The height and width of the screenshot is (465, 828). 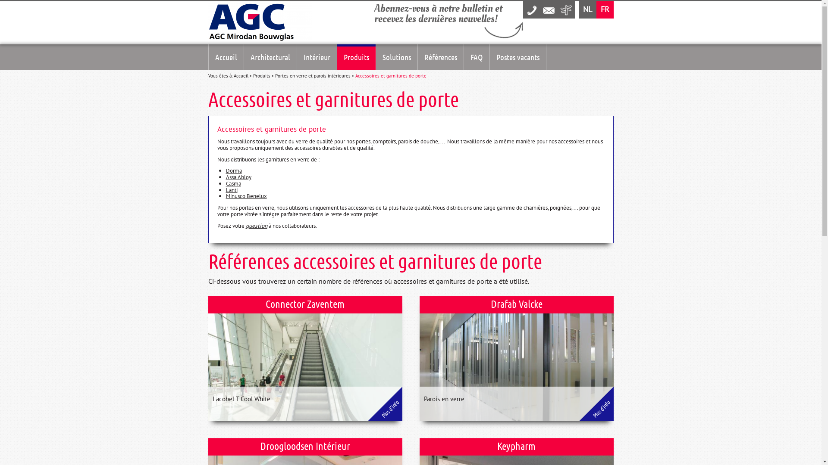 I want to click on 'Drafab Valcke, so click(x=516, y=359).